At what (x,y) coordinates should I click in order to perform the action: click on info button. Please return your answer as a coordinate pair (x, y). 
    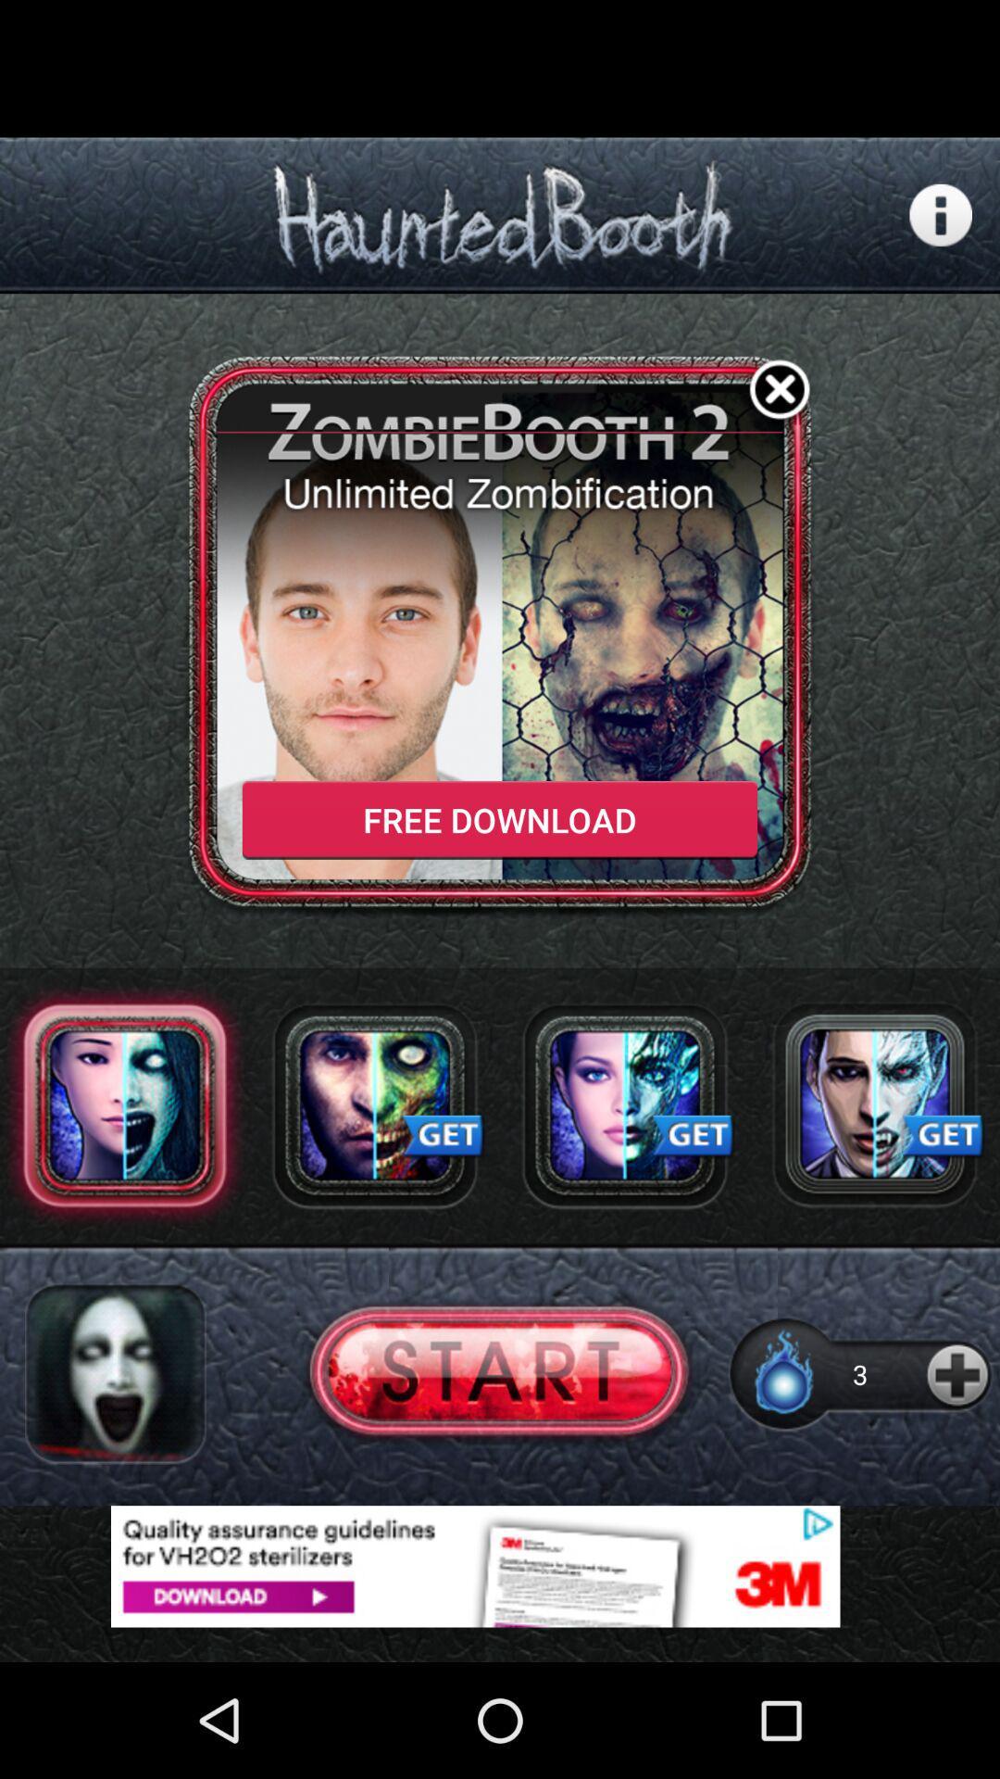
    Looking at the image, I should click on (941, 215).